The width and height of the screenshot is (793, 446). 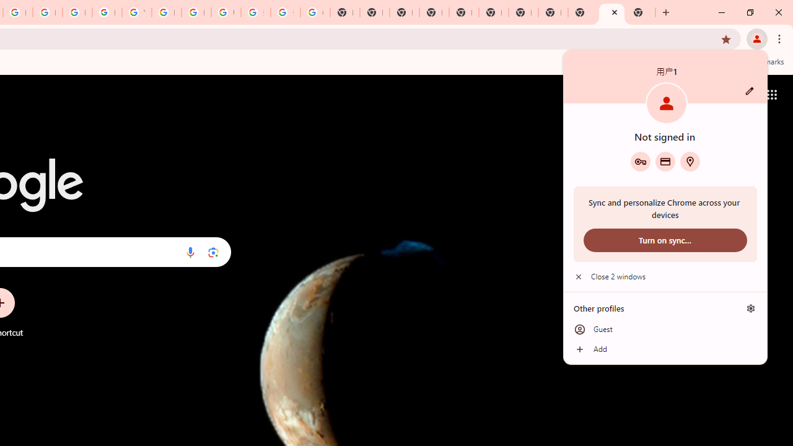 What do you see at coordinates (315, 12) in the screenshot?
I see `'Google Images'` at bounding box center [315, 12].